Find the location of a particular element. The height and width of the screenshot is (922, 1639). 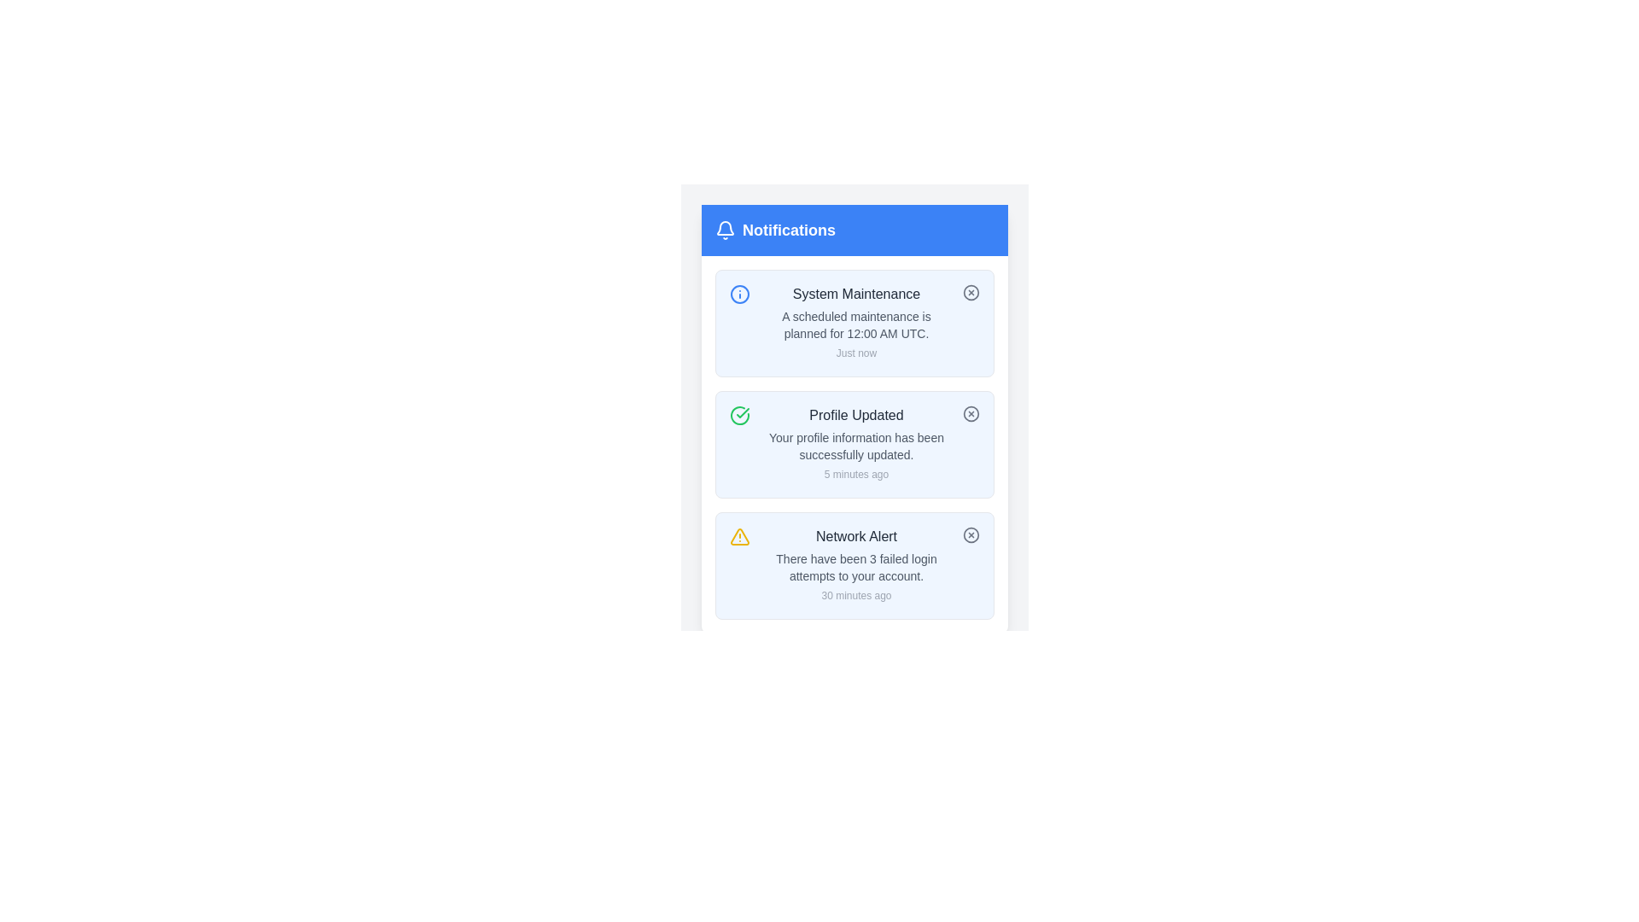

the prominent 'Notifications' text label, which is styled with white text on a blue background and located in the header section next to a bell icon is located at coordinates (788, 230).